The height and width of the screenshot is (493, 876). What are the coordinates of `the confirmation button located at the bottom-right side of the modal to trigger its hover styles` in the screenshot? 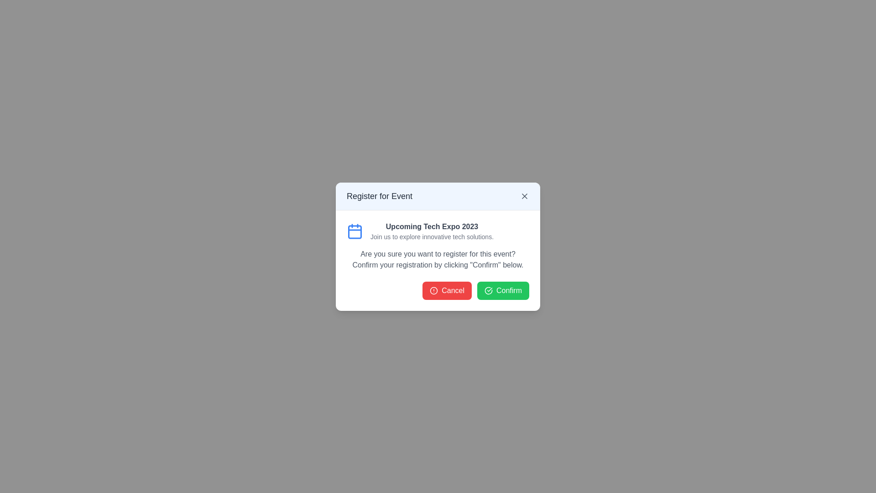 It's located at (503, 290).